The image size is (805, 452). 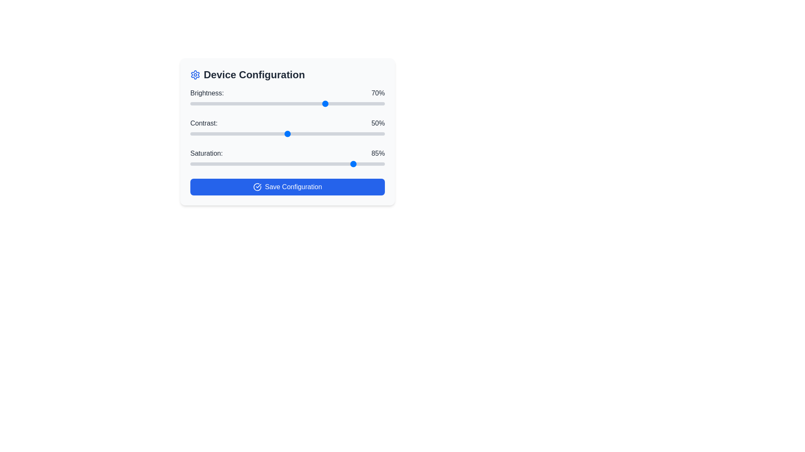 What do you see at coordinates (216, 164) in the screenshot?
I see `the saturation level` at bounding box center [216, 164].